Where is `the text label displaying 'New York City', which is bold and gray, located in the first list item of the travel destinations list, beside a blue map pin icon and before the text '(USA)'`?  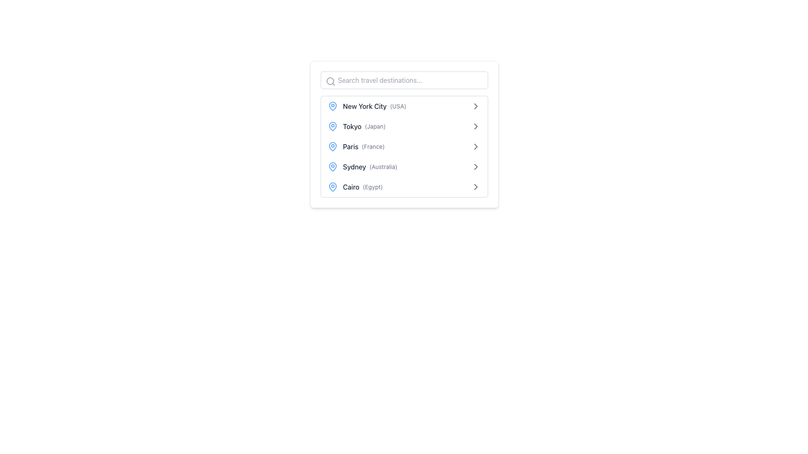
the text label displaying 'New York City', which is bold and gray, located in the first list item of the travel destinations list, beside a blue map pin icon and before the text '(USA)' is located at coordinates (364, 106).